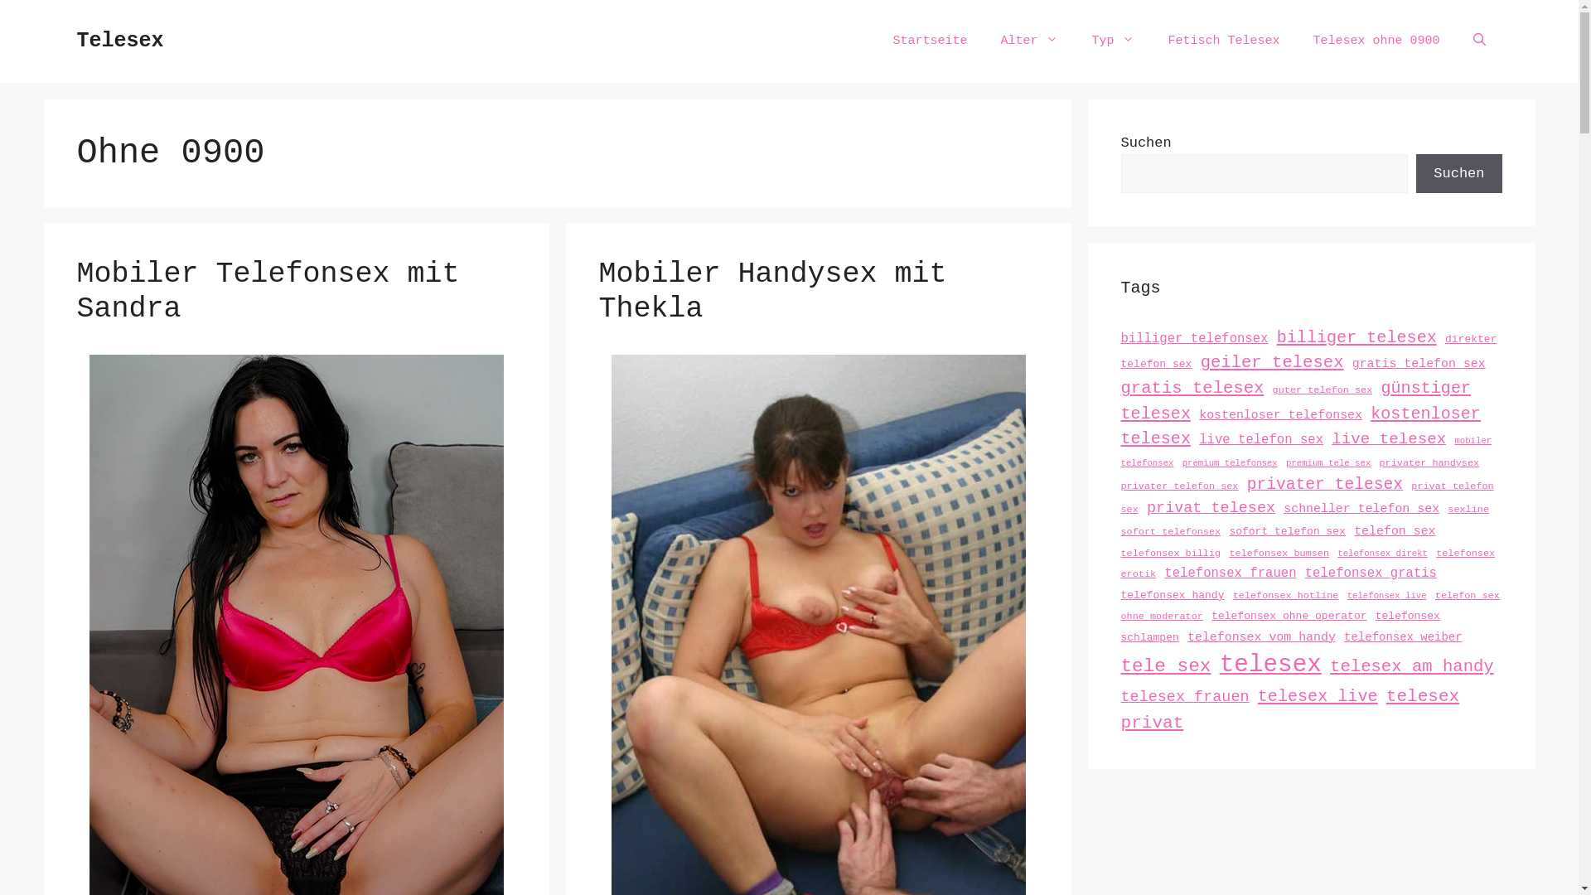 This screenshot has height=895, width=1591. Describe the element at coordinates (1468, 508) in the screenshot. I see `'sexline'` at that location.